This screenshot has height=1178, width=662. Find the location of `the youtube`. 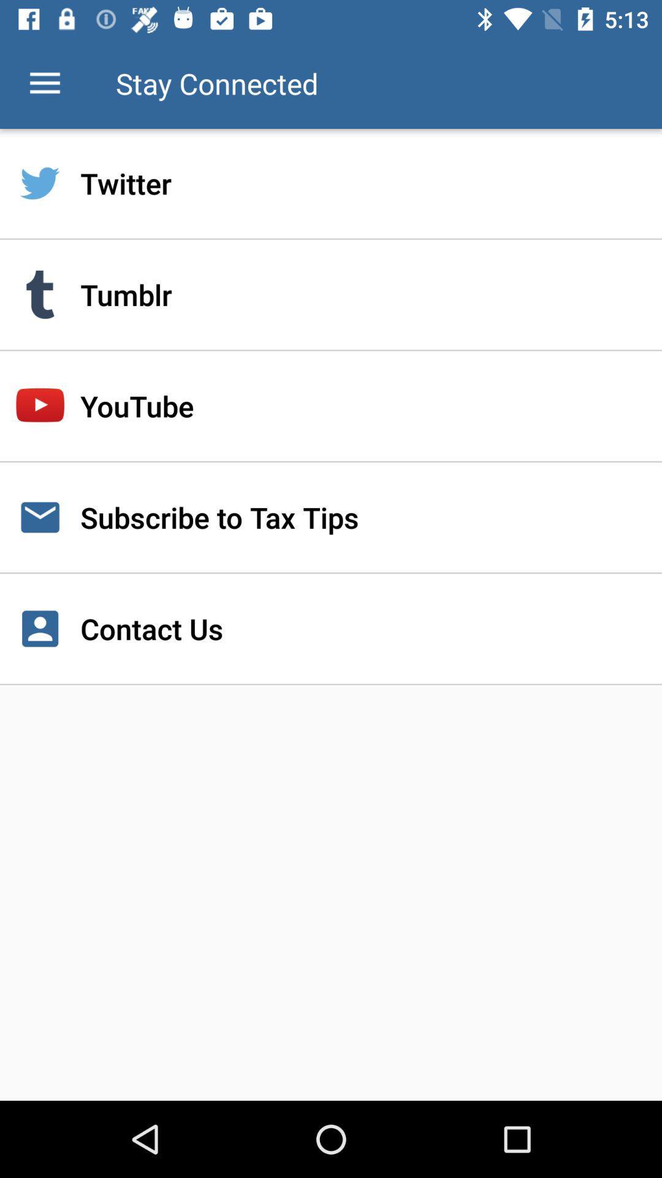

the youtube is located at coordinates (331, 406).